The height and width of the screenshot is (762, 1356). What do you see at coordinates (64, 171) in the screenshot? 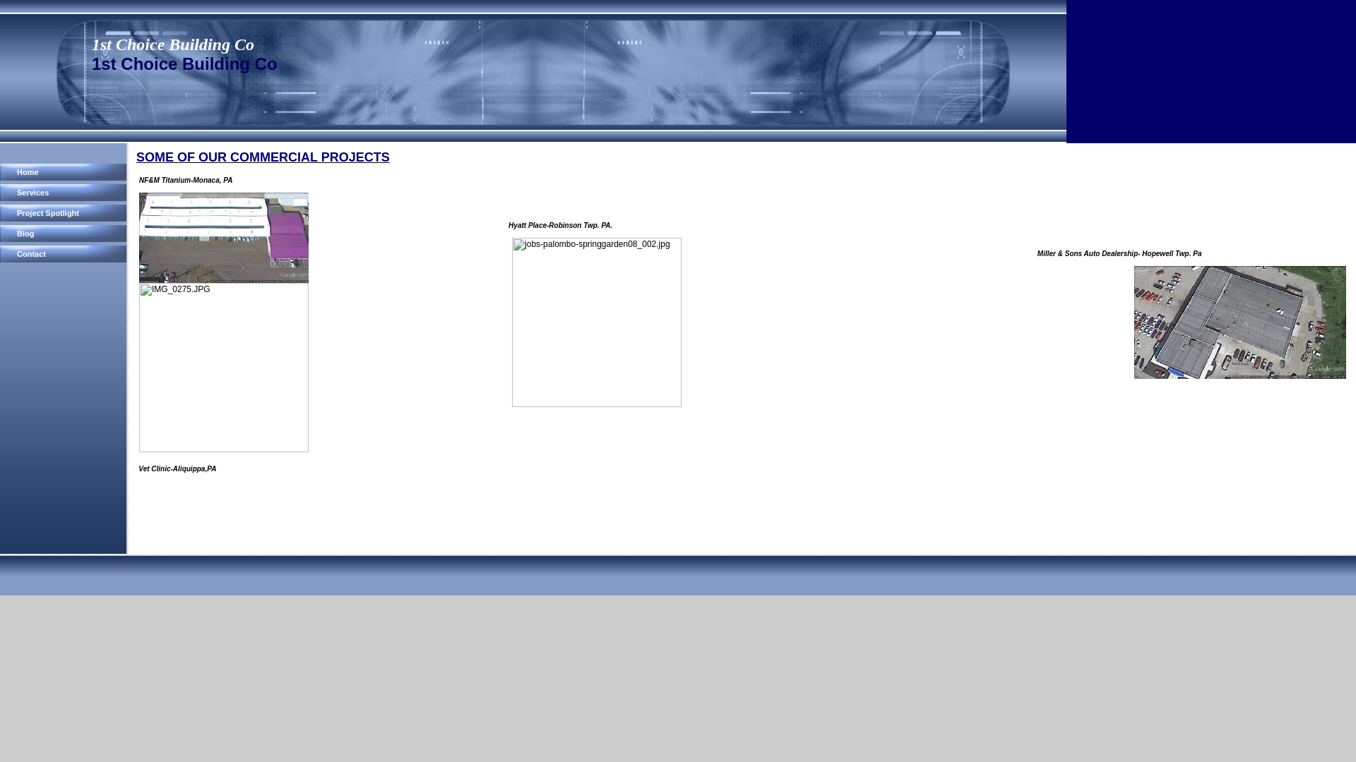
I see `'Home'` at bounding box center [64, 171].